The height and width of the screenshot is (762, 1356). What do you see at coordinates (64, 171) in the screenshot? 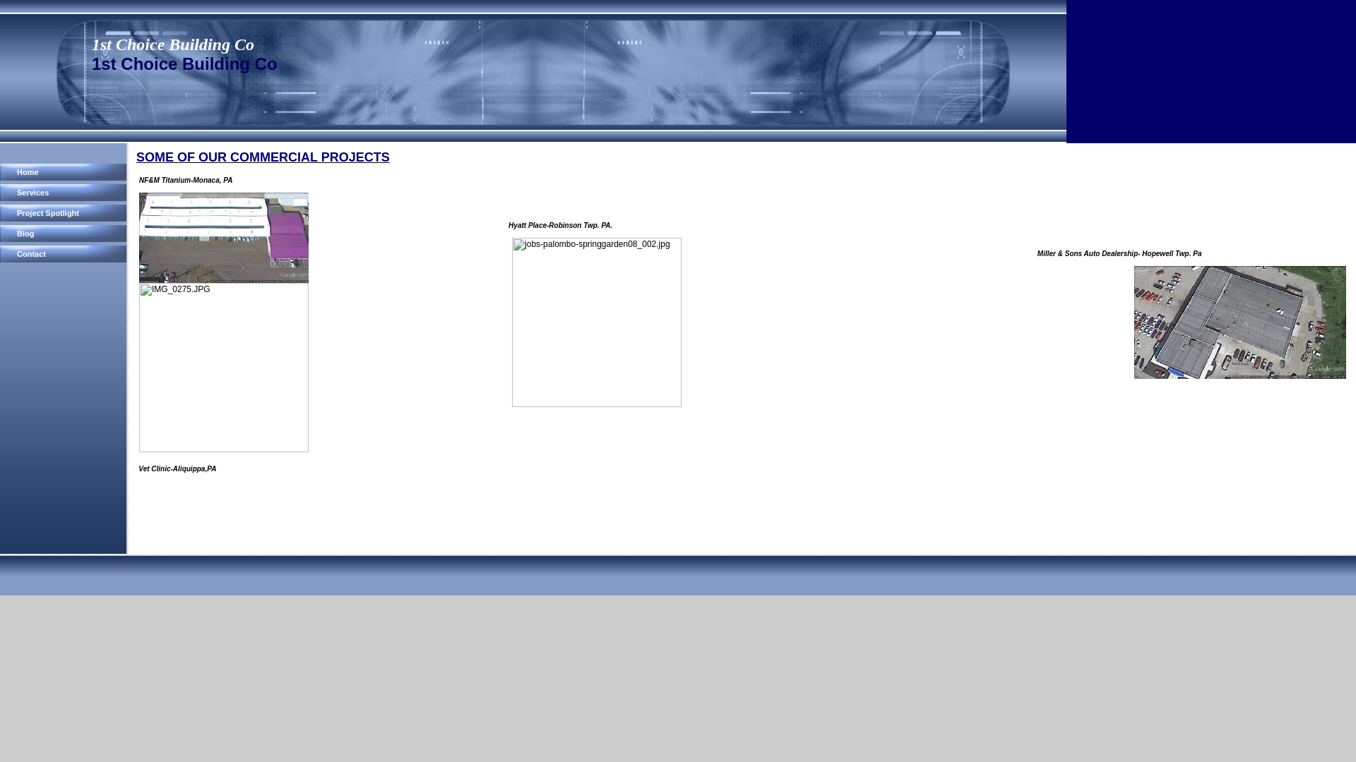
I see `'Home'` at bounding box center [64, 171].